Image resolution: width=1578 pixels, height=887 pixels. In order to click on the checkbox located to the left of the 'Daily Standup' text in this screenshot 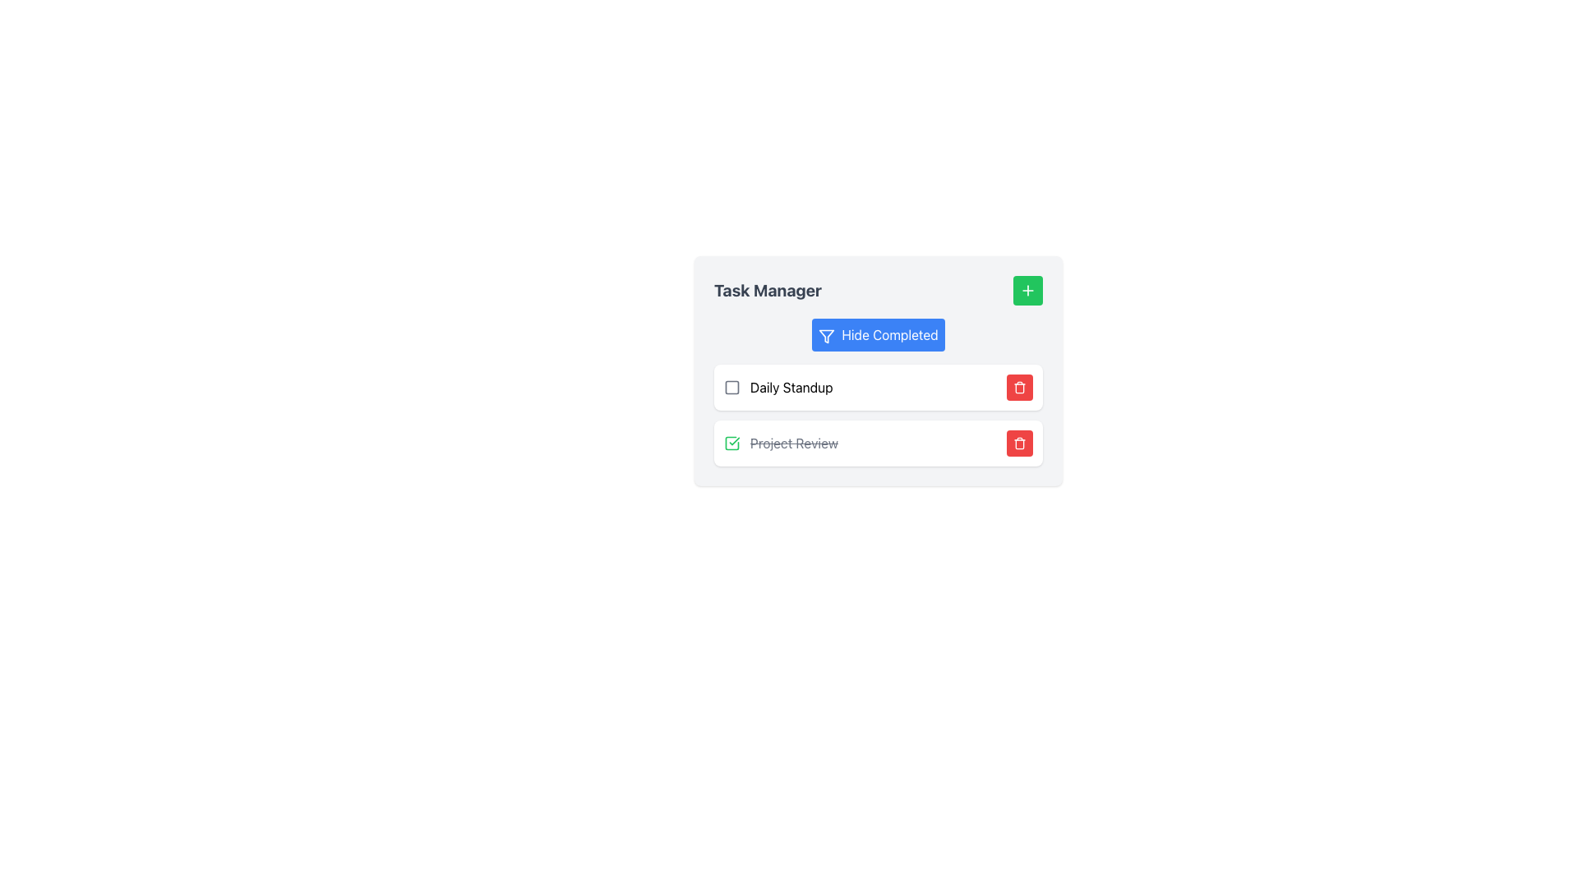, I will do `click(731, 387)`.